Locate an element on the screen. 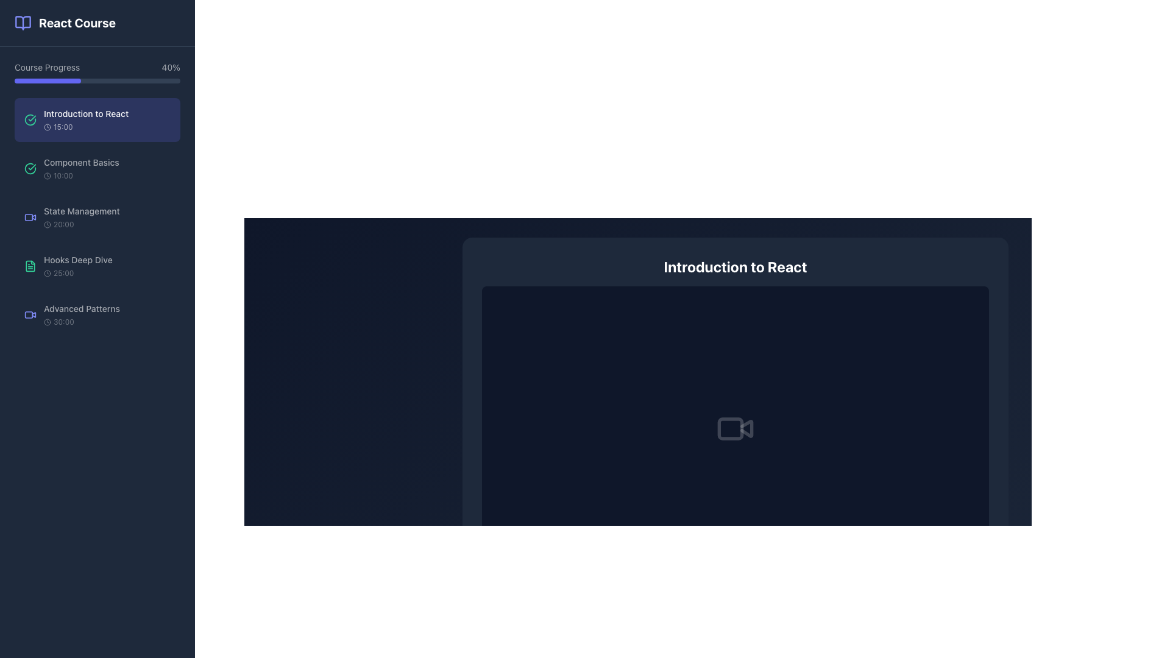  the lesson list item located is located at coordinates (107, 265).